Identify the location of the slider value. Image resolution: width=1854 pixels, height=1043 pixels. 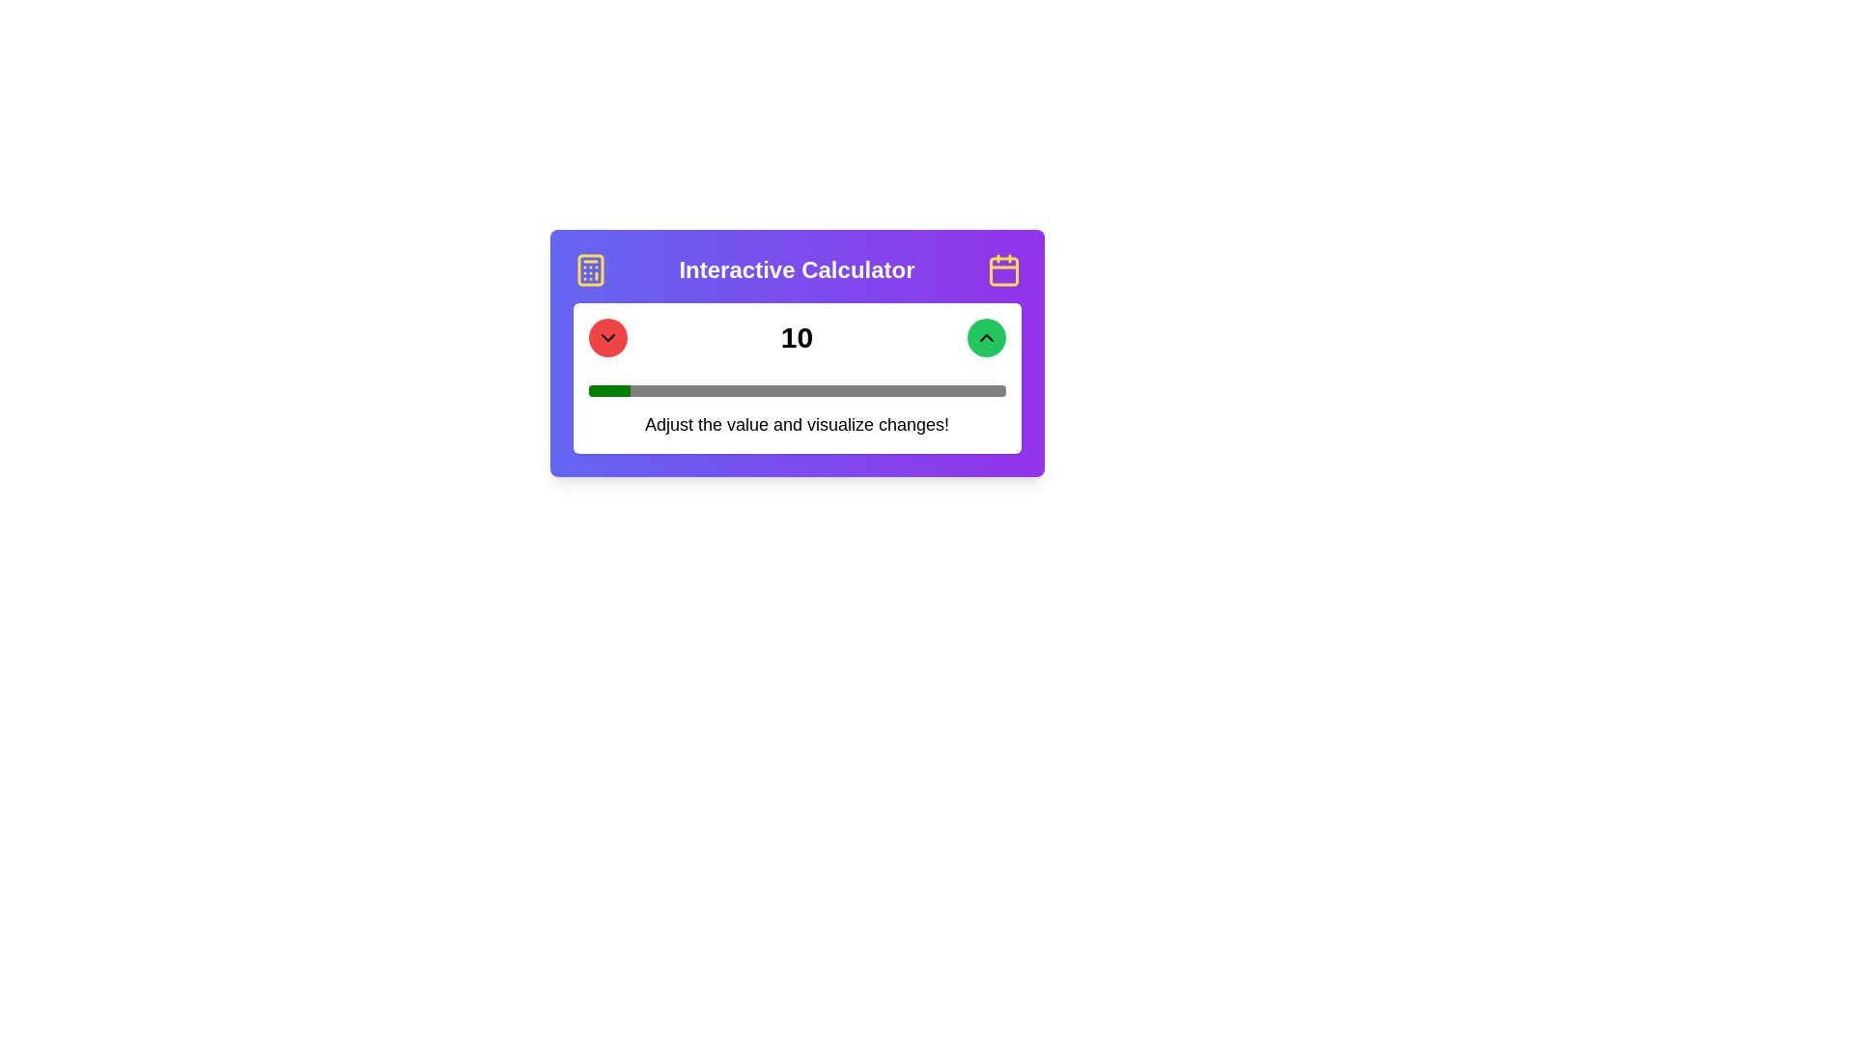
(980, 391).